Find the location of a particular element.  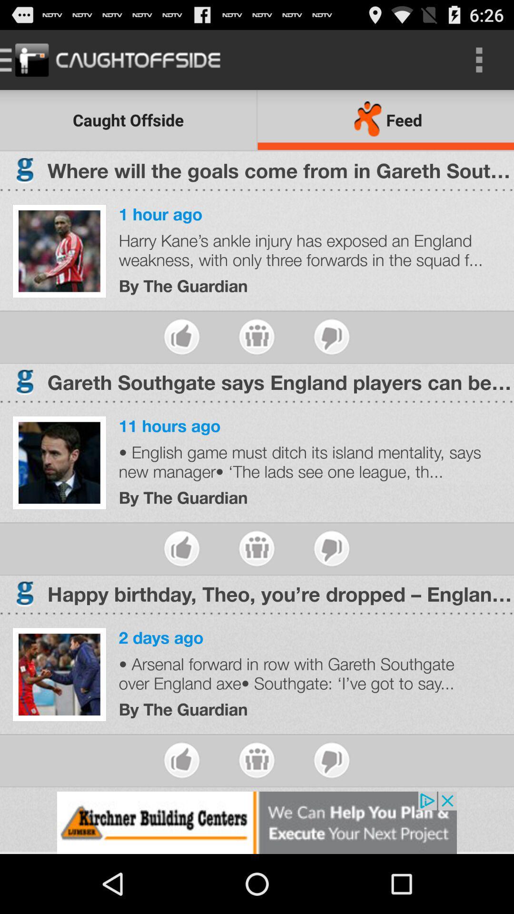

dislike is located at coordinates (331, 337).